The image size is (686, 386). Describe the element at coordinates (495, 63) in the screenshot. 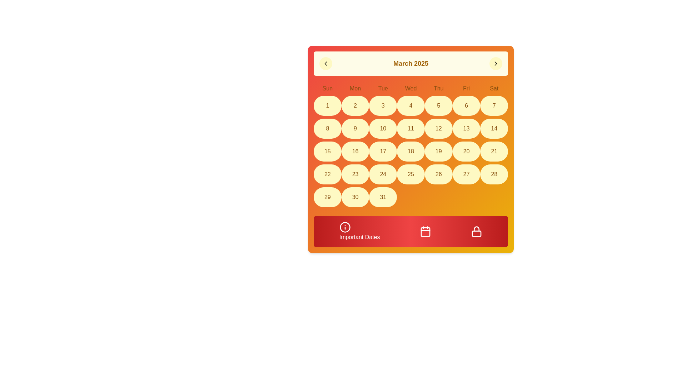

I see `the circular button with a faint yellow background and a right-pointing chevron icon in black, located in the header section labeled 'March 2025'` at that location.